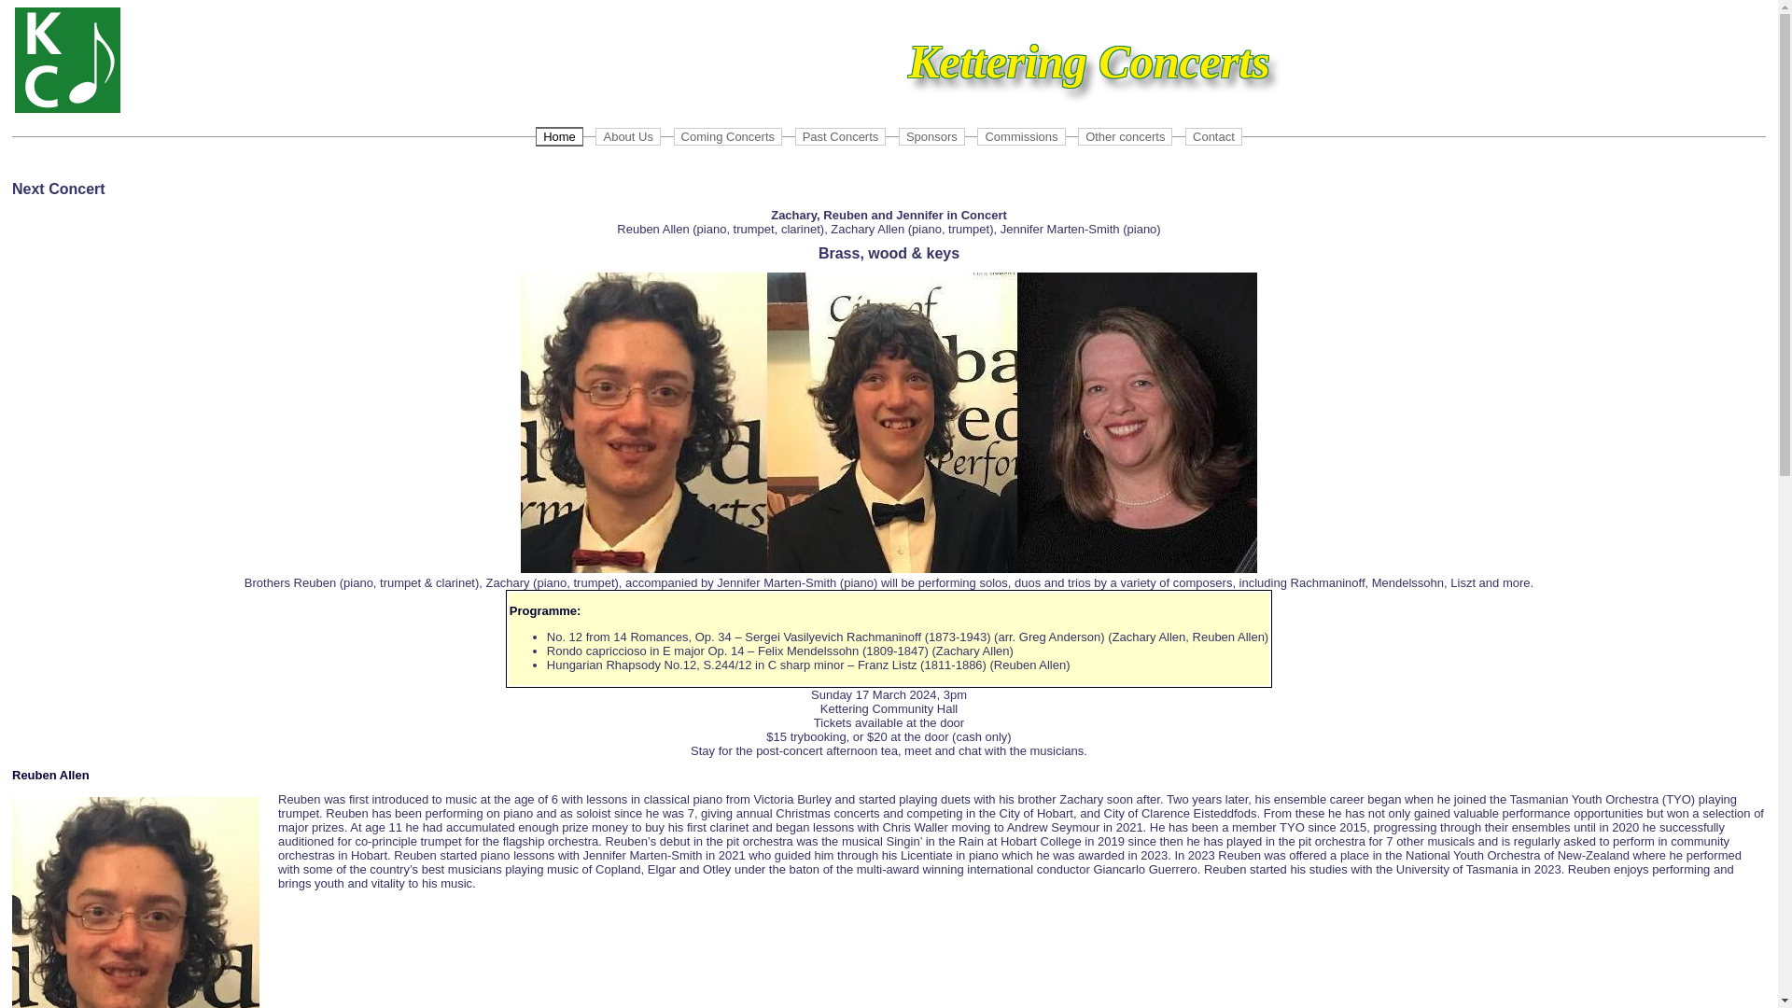 The width and height of the screenshot is (1792, 1008). What do you see at coordinates (794, 135) in the screenshot?
I see `'Past Concerts'` at bounding box center [794, 135].